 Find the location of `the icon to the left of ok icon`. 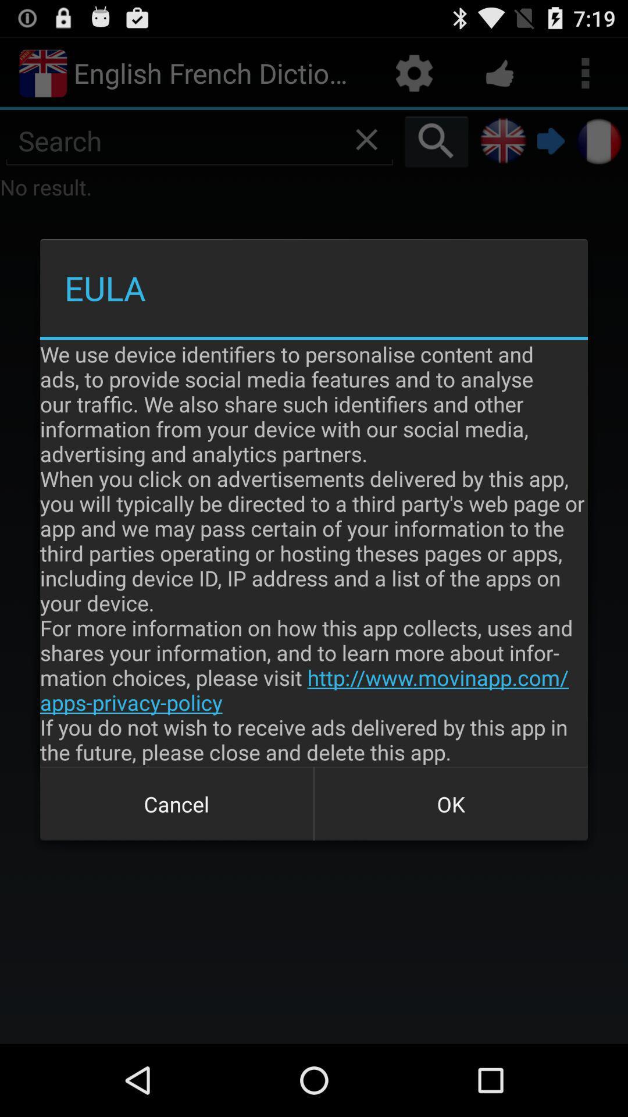

the icon to the left of ok icon is located at coordinates (177, 803).